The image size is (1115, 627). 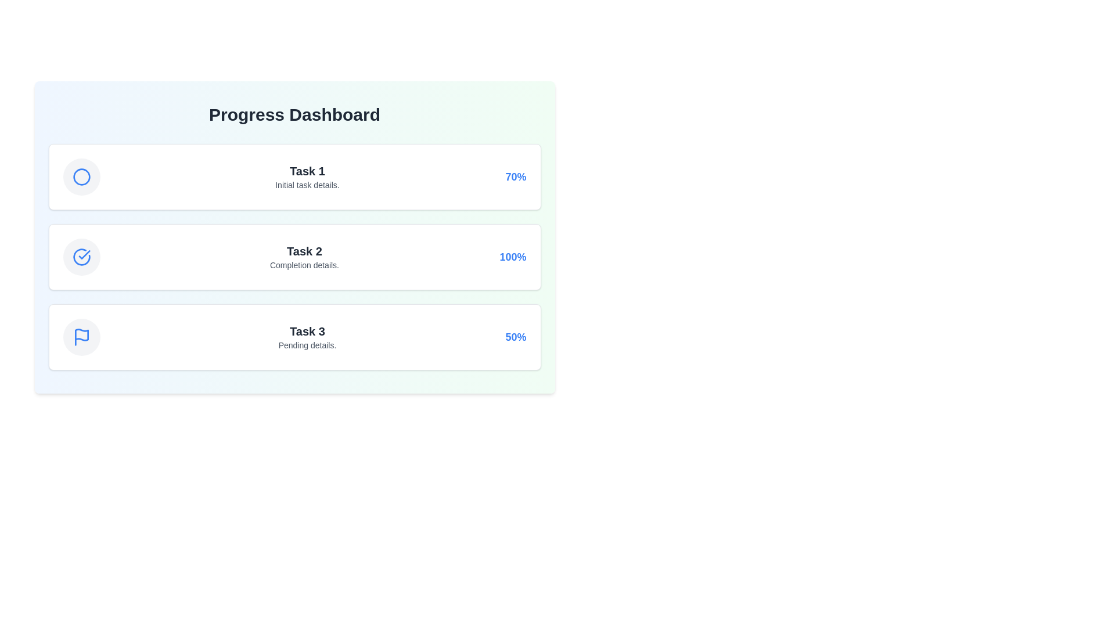 I want to click on the Status icon, which is a circular gray icon with a blue check mark, located in the second card of the dashboard next to 'Task 2', so click(x=81, y=257).